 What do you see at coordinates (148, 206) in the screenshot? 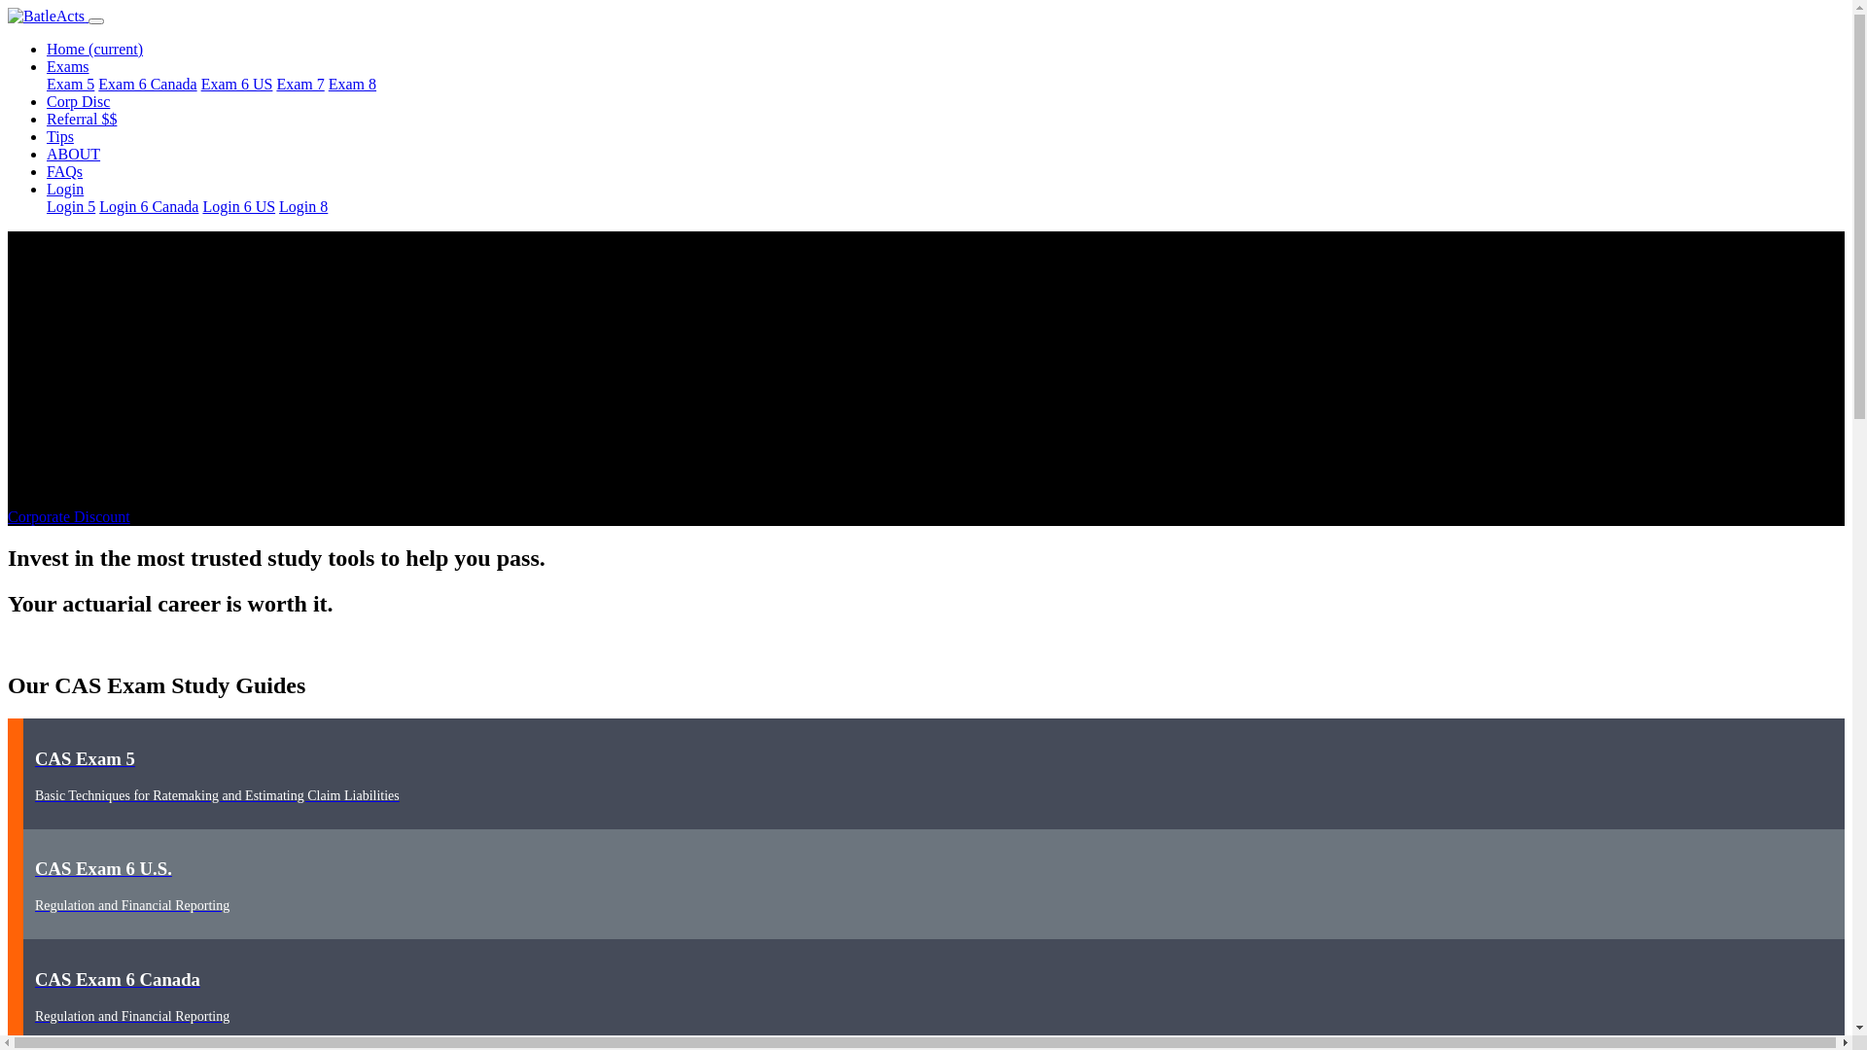
I see `'Login 6 Canada'` at bounding box center [148, 206].